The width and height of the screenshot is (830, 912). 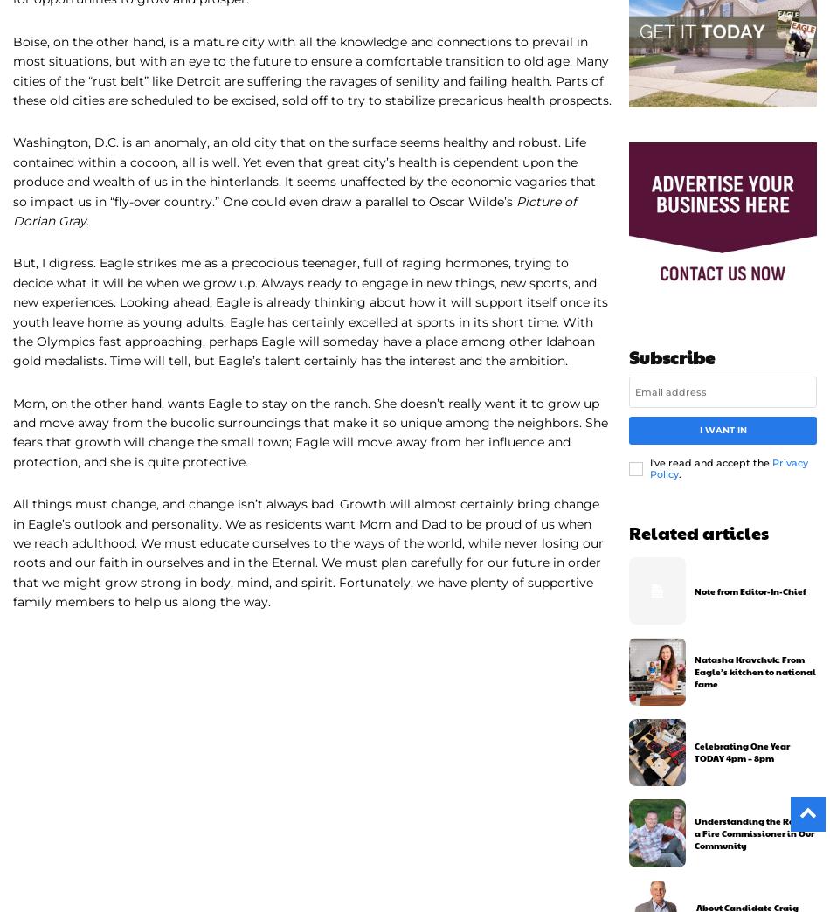 I want to click on 'Natasha Kravchuk: From Eagle’s kitchen to national fame', so click(x=753, y=672).